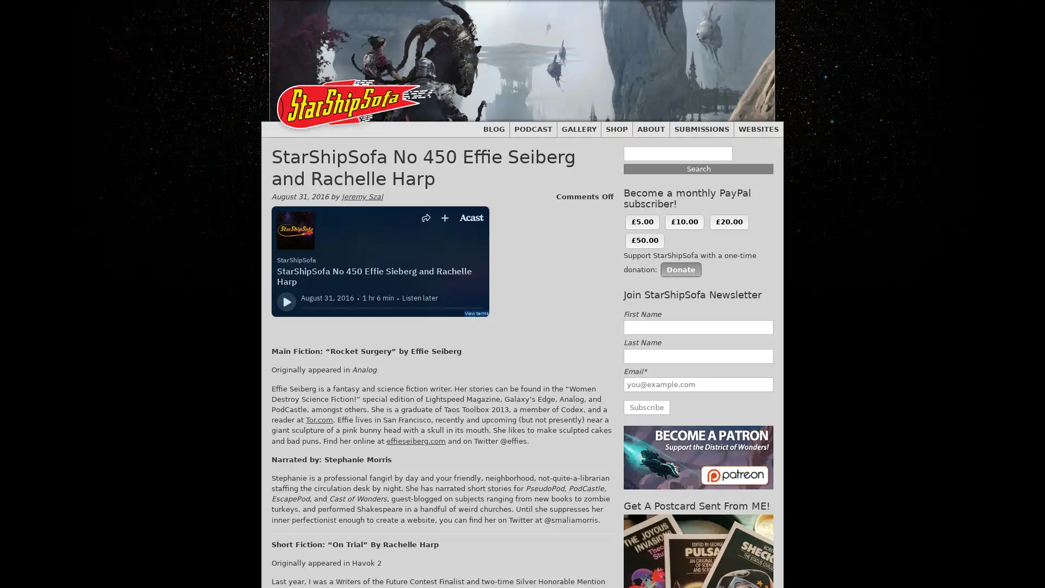  Describe the element at coordinates (647, 407) in the screenshot. I see `Subscribe` at that location.